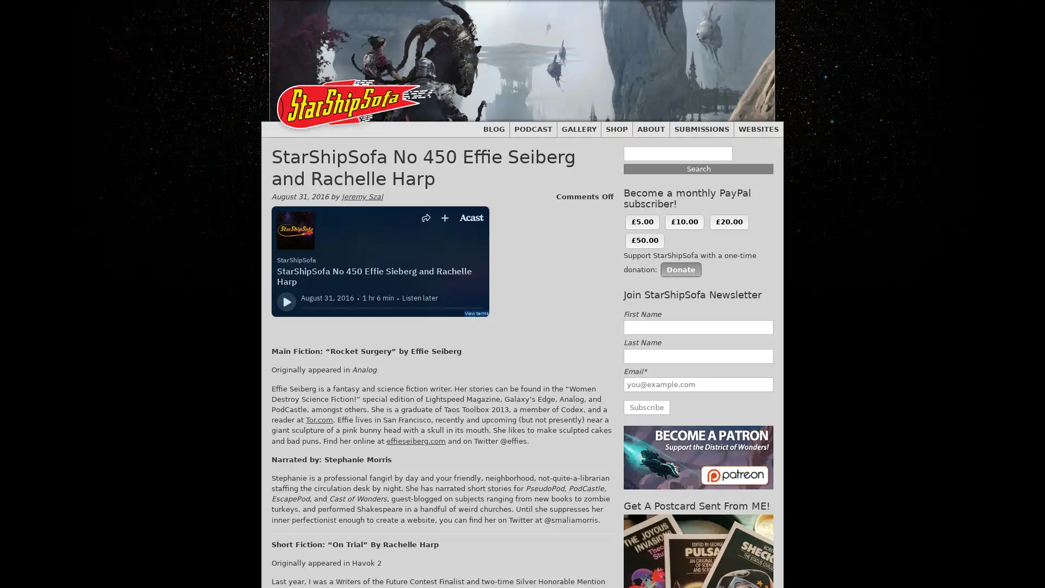  Describe the element at coordinates (647, 407) in the screenshot. I see `Subscribe` at that location.